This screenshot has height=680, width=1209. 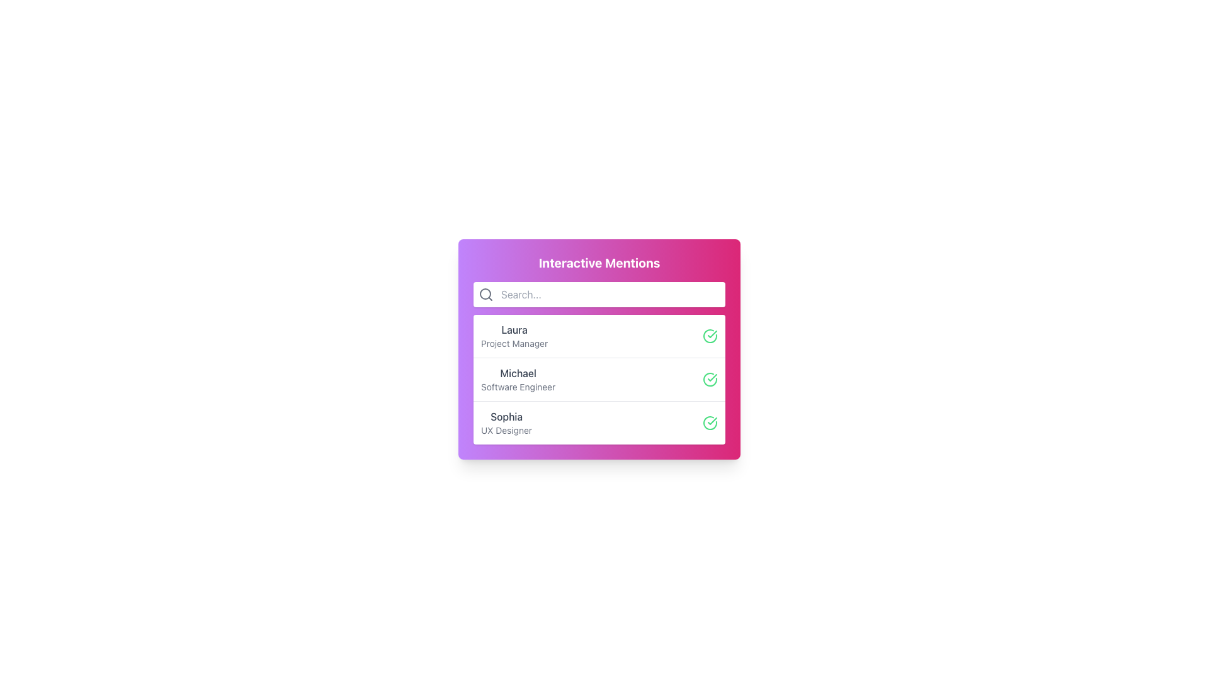 I want to click on the circular decorative element within the magnifying glass icon located at the left side of the search input field, so click(x=485, y=293).